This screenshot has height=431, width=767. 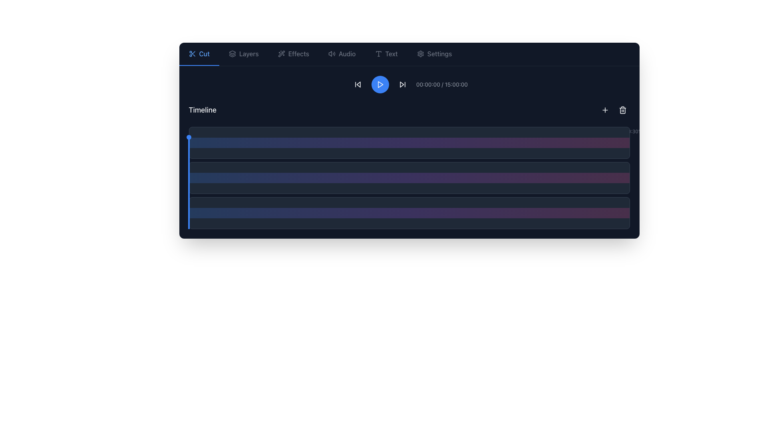 I want to click on the icon resembling three layered rectangles with rounded edges, located to the left of the 'Layers' text in the main navigation toolbar, so click(x=232, y=54).